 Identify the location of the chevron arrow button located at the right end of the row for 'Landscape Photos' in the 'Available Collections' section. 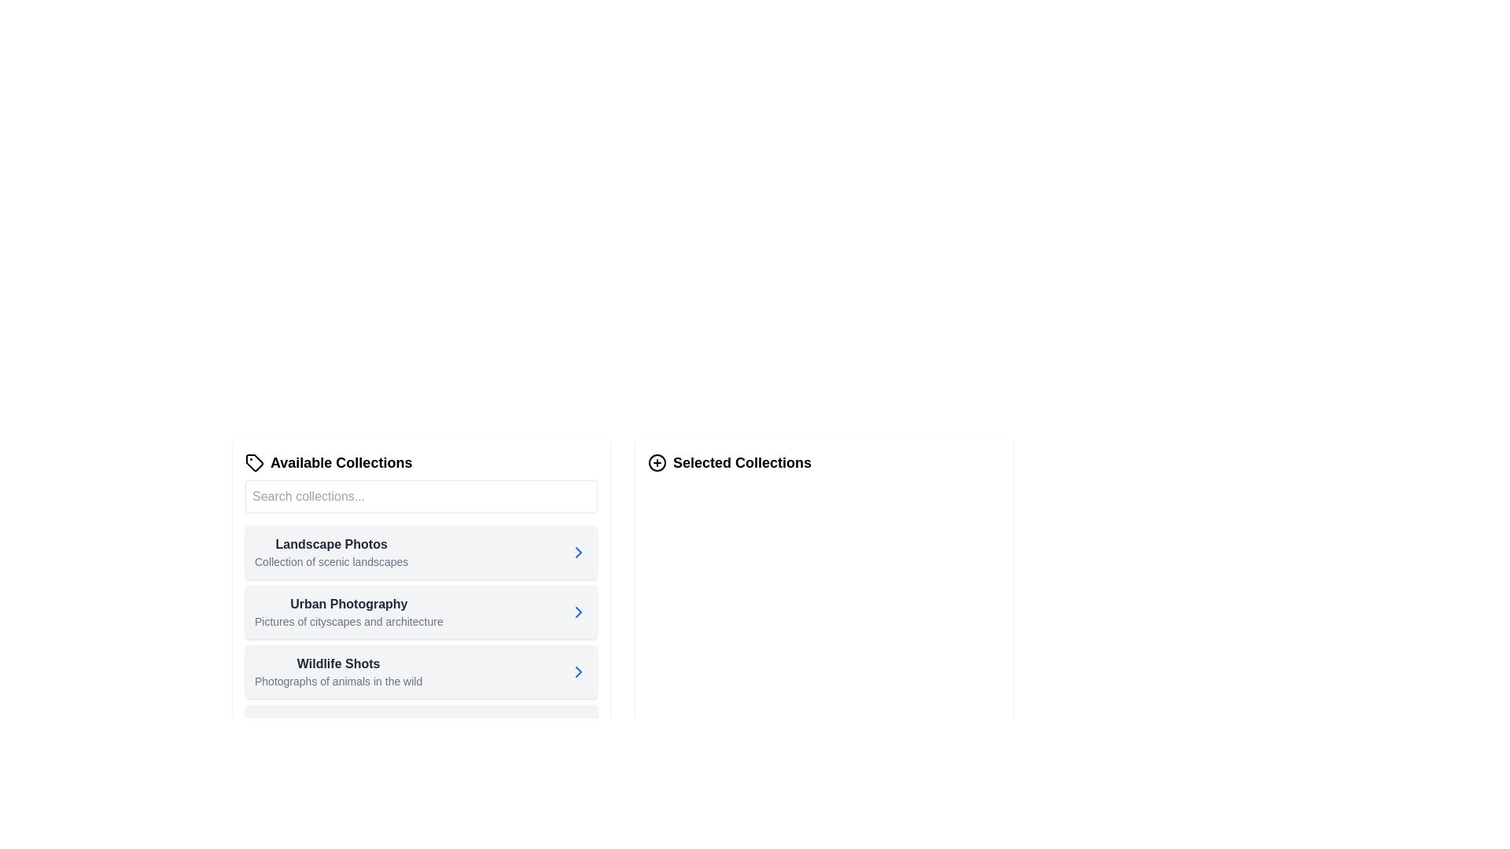
(577, 551).